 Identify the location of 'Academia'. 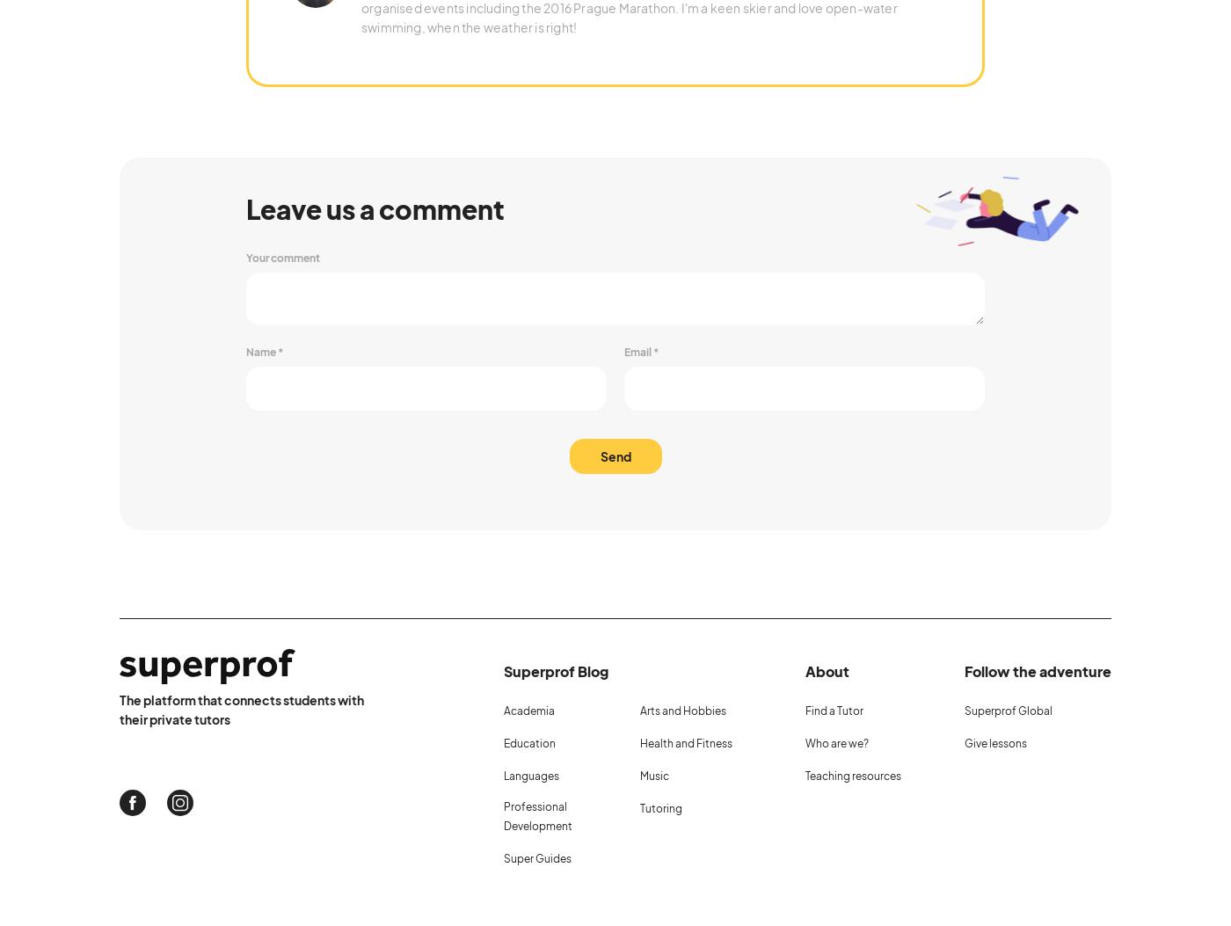
(528, 710).